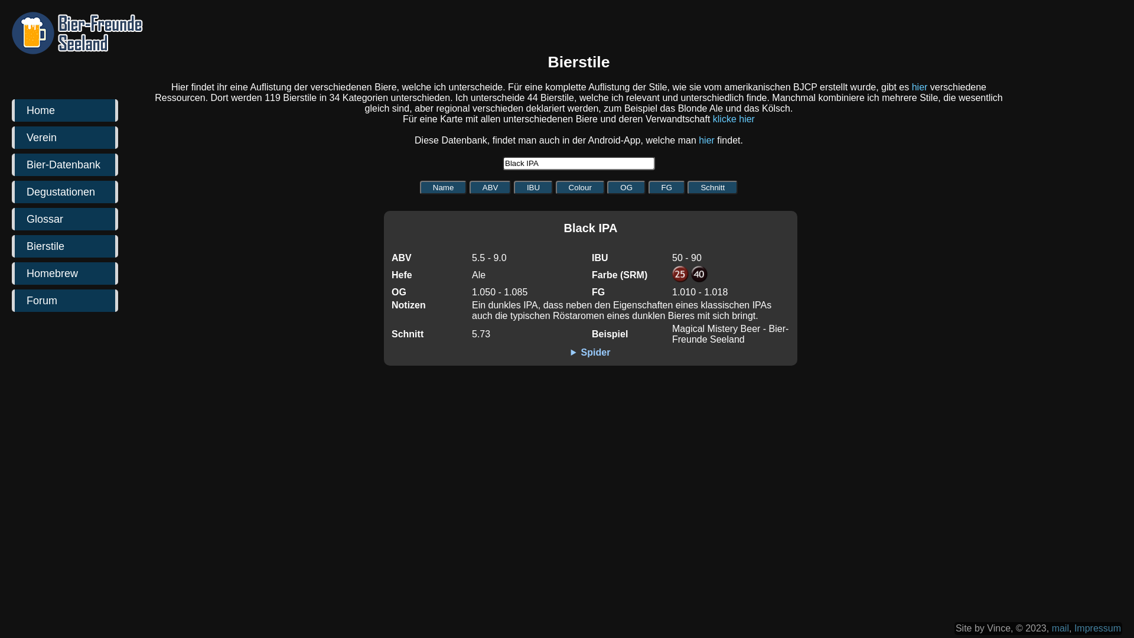  Describe the element at coordinates (919, 86) in the screenshot. I see `'hier'` at that location.